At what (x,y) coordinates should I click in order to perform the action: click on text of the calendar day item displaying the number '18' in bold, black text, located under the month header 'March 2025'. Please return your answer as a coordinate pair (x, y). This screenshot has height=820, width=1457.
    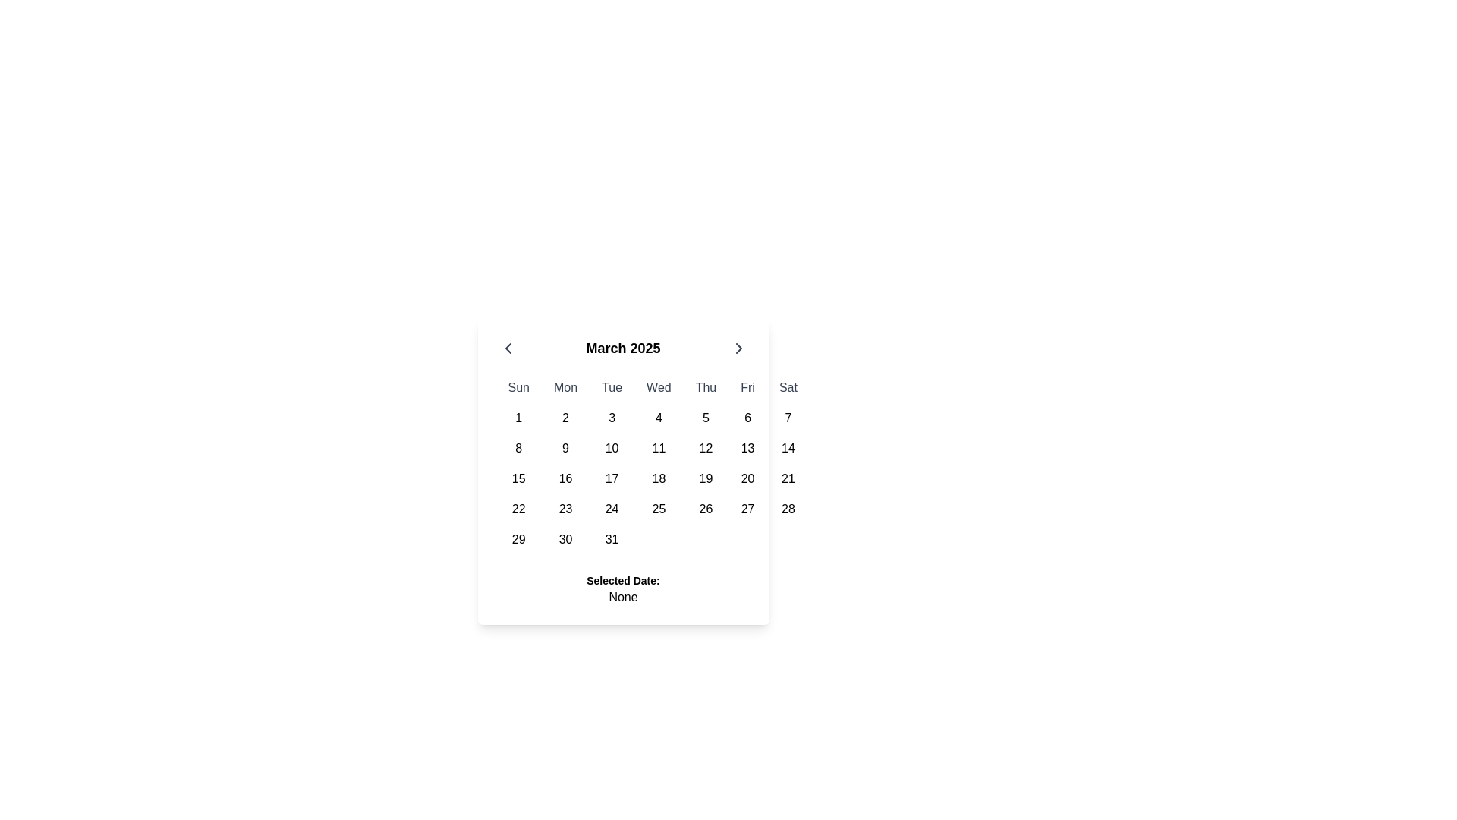
    Looking at the image, I should click on (659, 479).